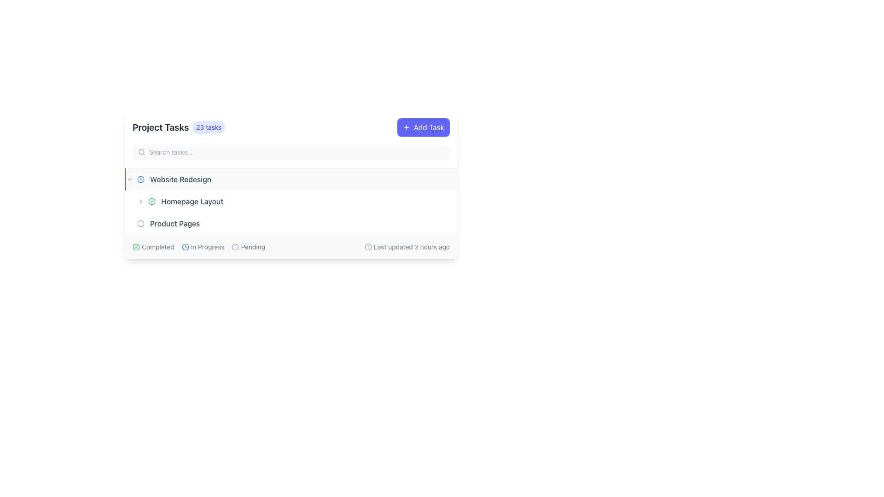 This screenshot has width=884, height=497. What do you see at coordinates (180, 179) in the screenshot?
I see `text label displaying 'Website Redesign', which is styled in gray and positioned as the first item under 'Project Tasks' in the top task list` at bounding box center [180, 179].